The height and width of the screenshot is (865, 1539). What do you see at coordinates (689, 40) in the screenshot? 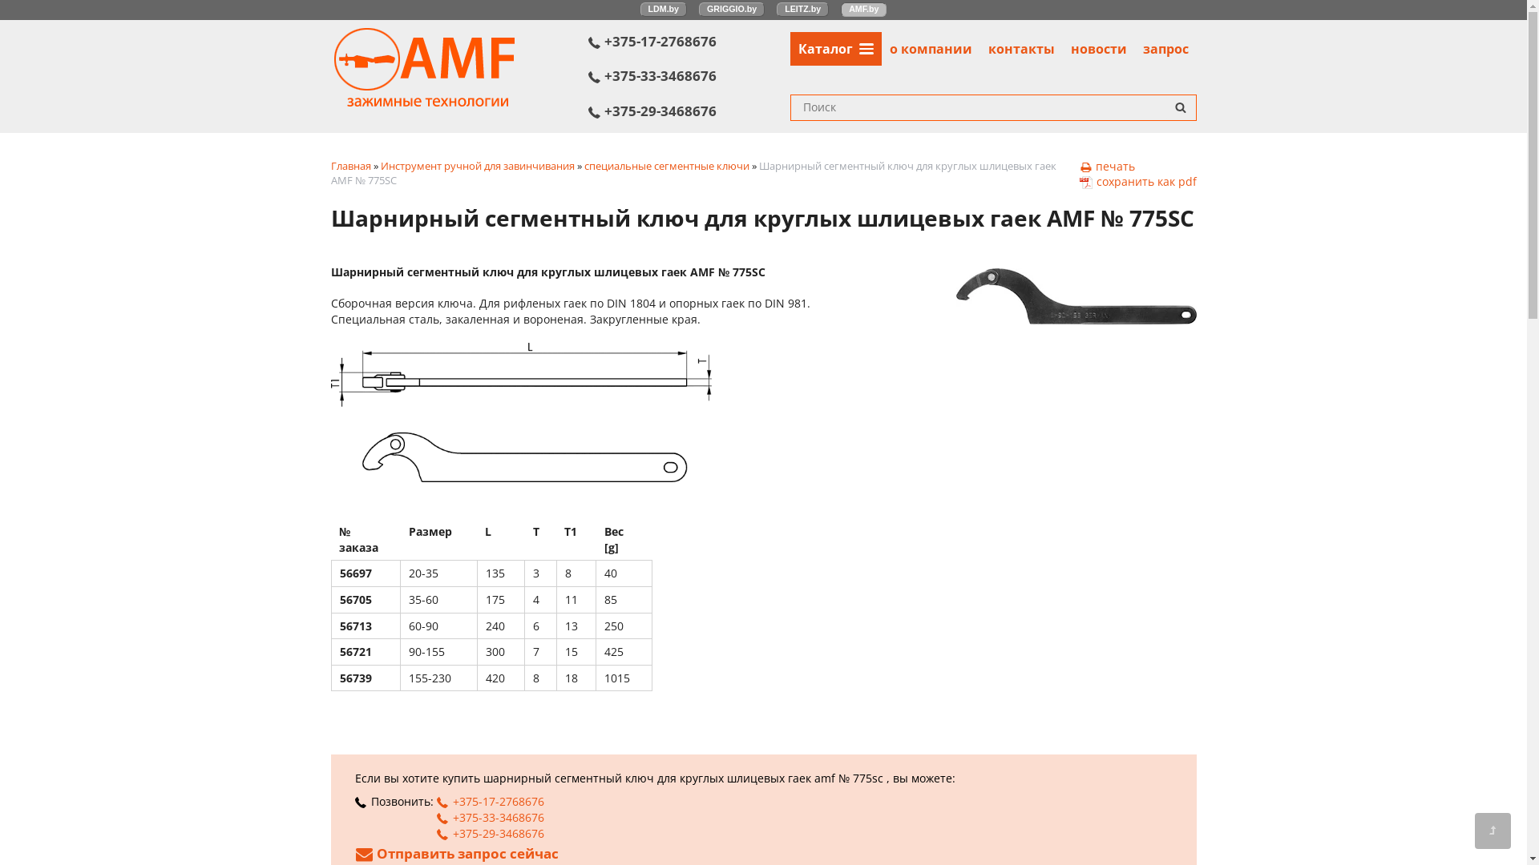
I see `'+375-17-2768676'` at bounding box center [689, 40].